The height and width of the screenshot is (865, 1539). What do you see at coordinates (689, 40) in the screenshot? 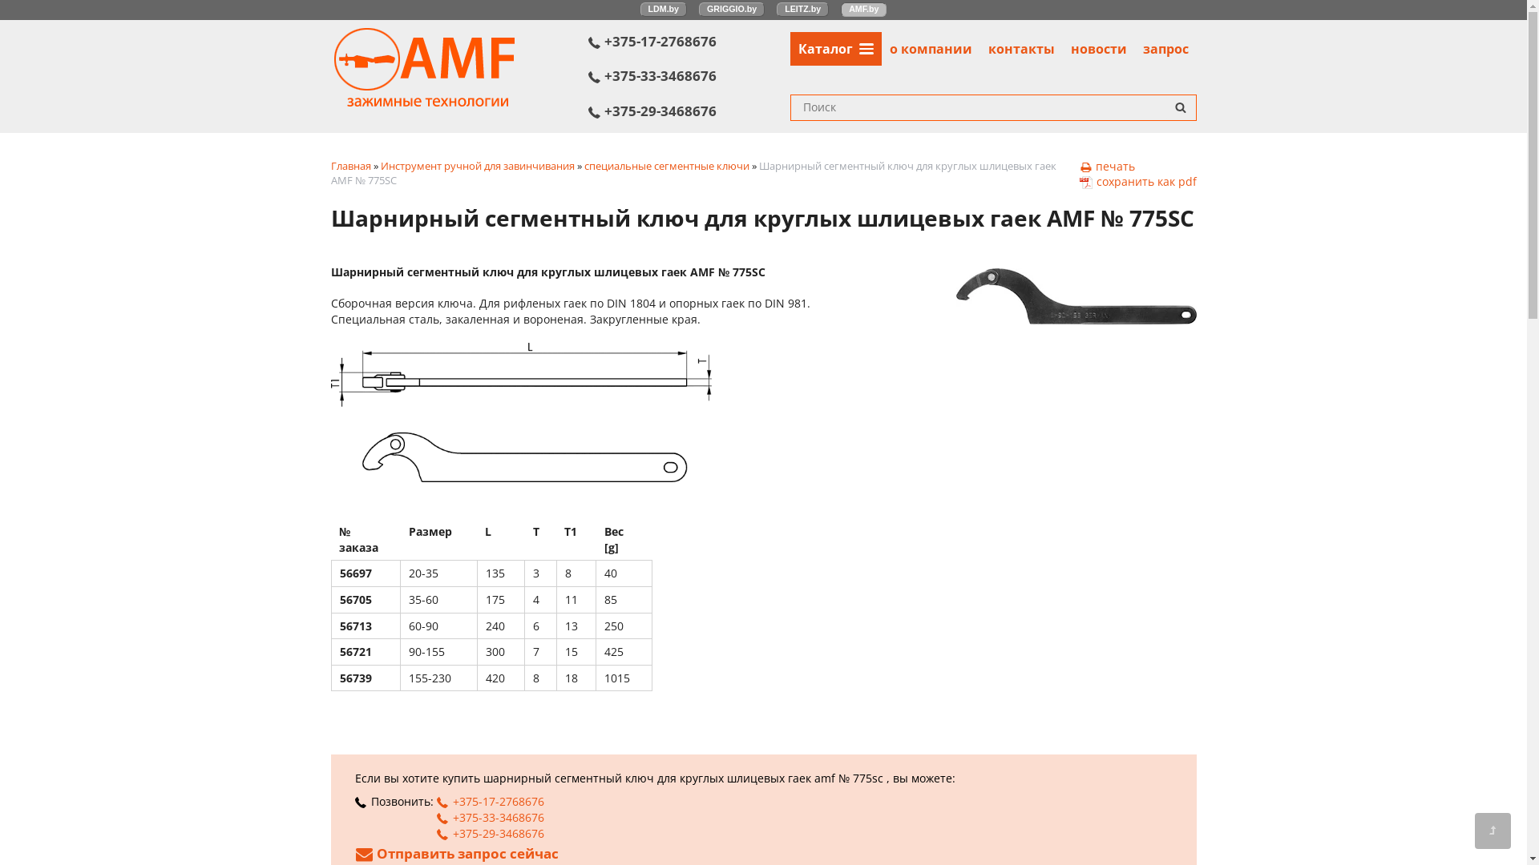
I see `'+375-17-2768676'` at bounding box center [689, 40].